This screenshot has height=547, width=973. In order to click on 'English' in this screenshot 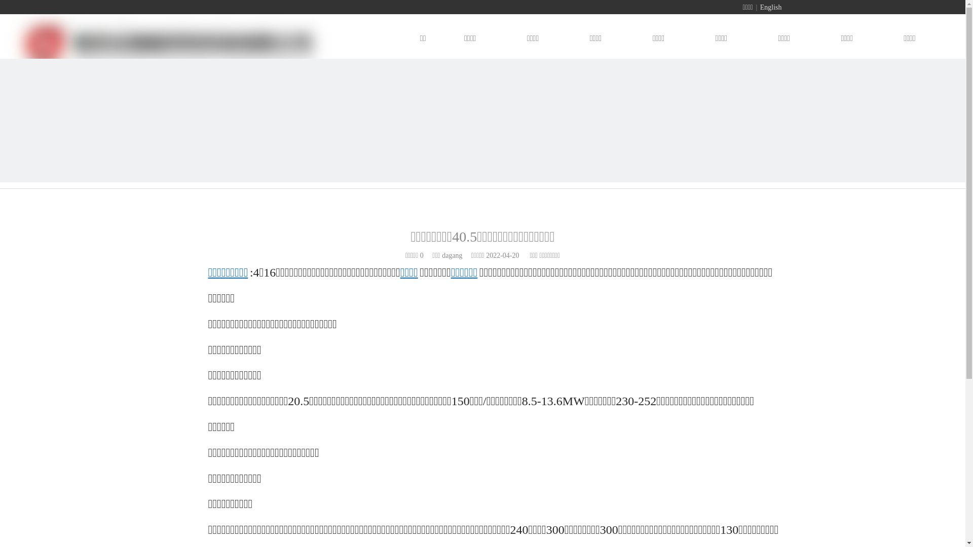, I will do `click(770, 8)`.